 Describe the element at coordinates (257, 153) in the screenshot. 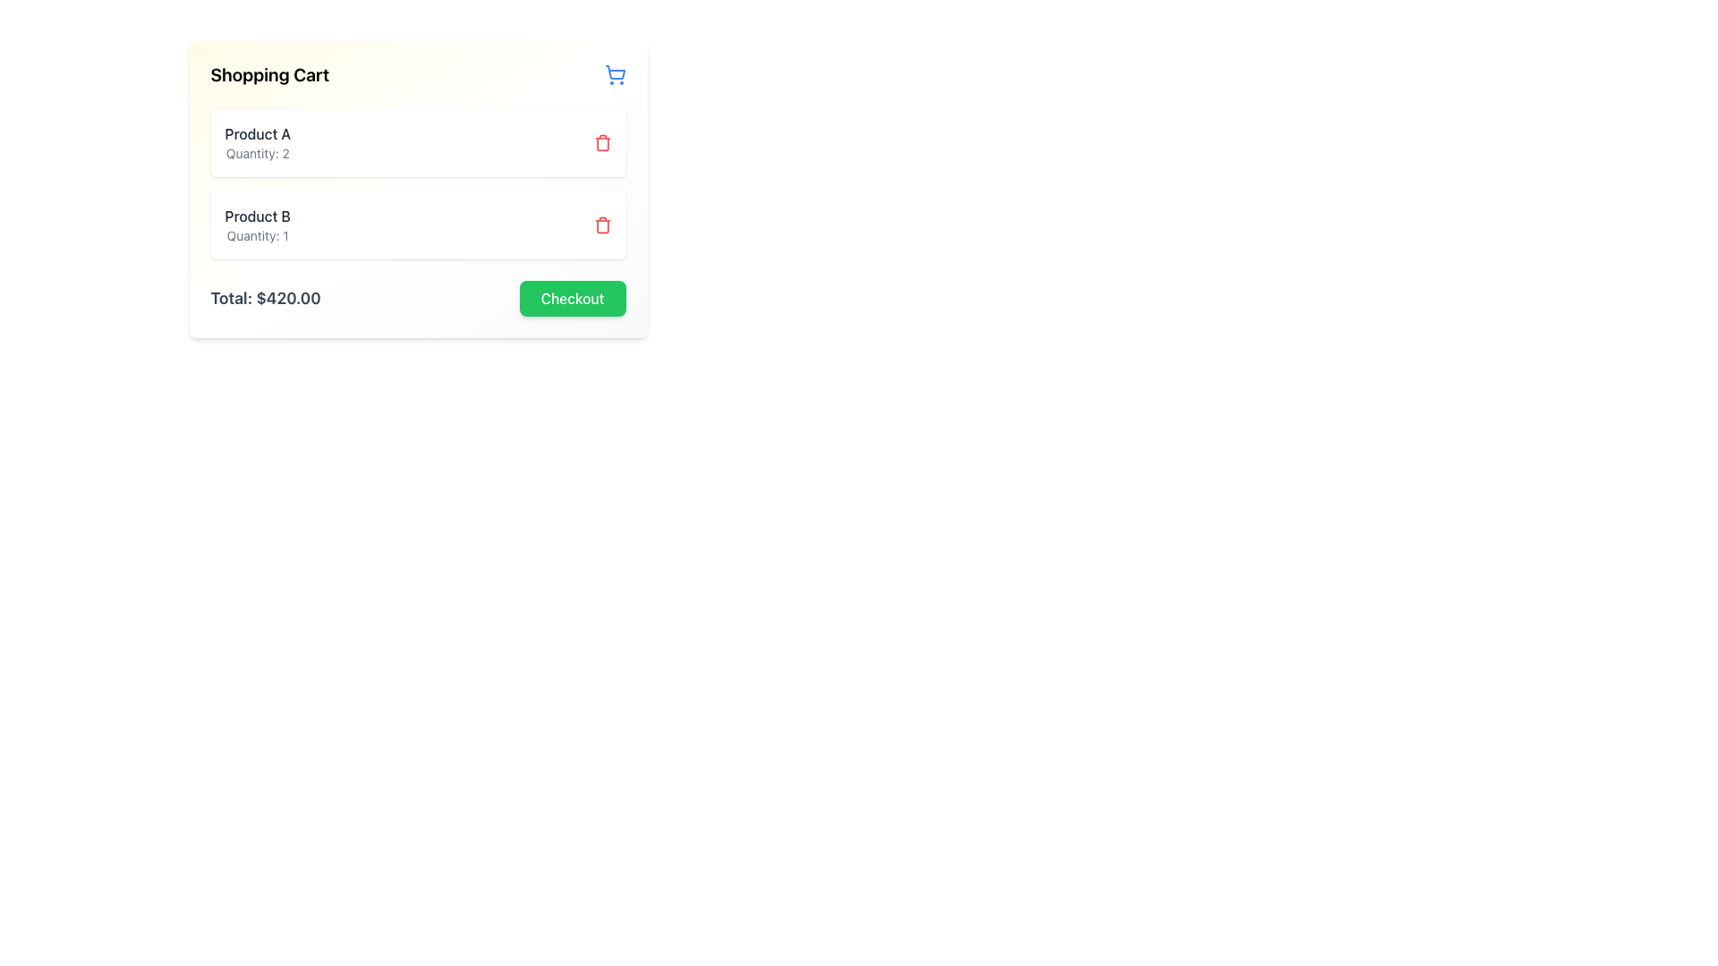

I see `the Static Text Label displaying the quantity of 'Product A' in the shopping cart interface, located below the 'Product A' label` at that location.